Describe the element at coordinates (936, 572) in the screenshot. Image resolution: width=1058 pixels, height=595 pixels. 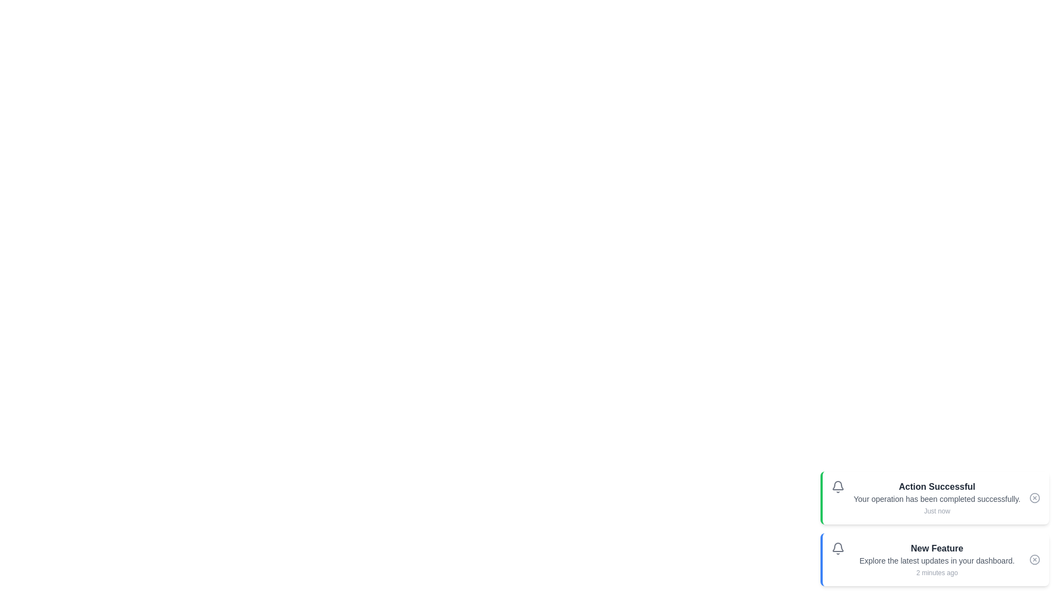
I see `the text label reading '2 minutes ago' located inside the second notification card, positioned below the description text 'Explore the latest updates in your dashboard.'` at that location.